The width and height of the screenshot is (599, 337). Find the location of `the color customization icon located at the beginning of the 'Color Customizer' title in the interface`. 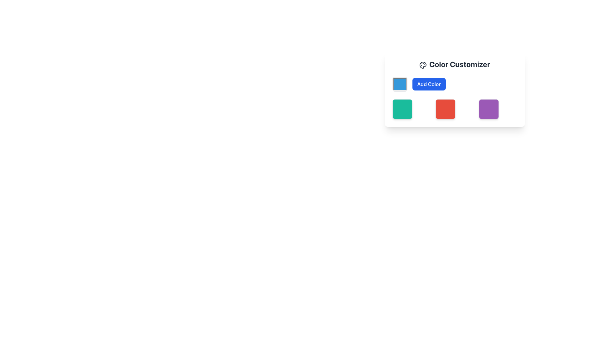

the color customization icon located at the beginning of the 'Color Customizer' title in the interface is located at coordinates (423, 65).